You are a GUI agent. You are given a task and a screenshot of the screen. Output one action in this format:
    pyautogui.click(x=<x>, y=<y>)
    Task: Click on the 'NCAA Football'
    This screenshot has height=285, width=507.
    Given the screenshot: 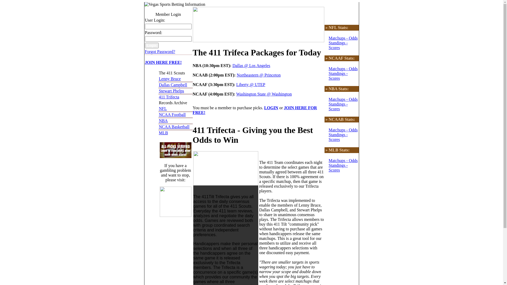 What is the action you would take?
    pyautogui.click(x=172, y=114)
    